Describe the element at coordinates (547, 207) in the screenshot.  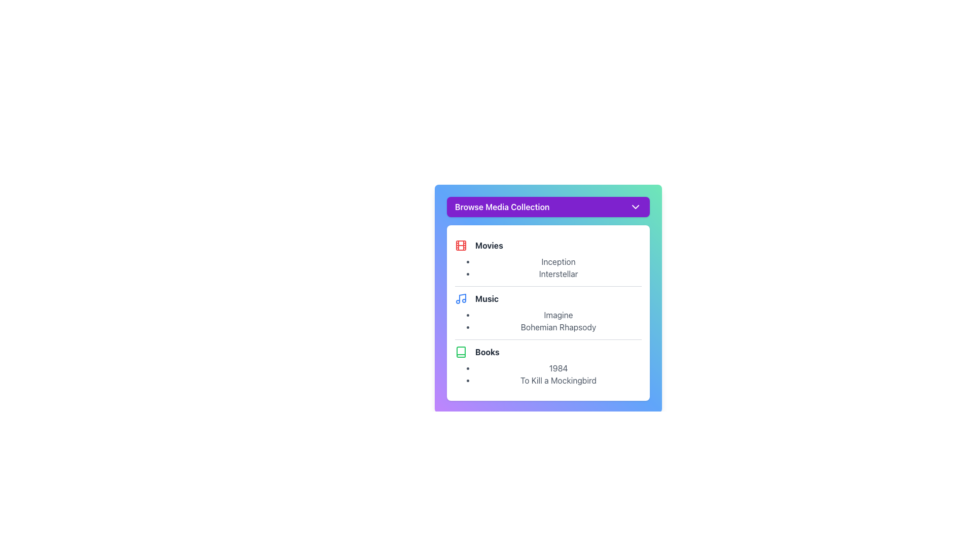
I see `the collapsible header button that toggles visibility of media content sections including 'Movies', 'Music', and 'Books'` at that location.